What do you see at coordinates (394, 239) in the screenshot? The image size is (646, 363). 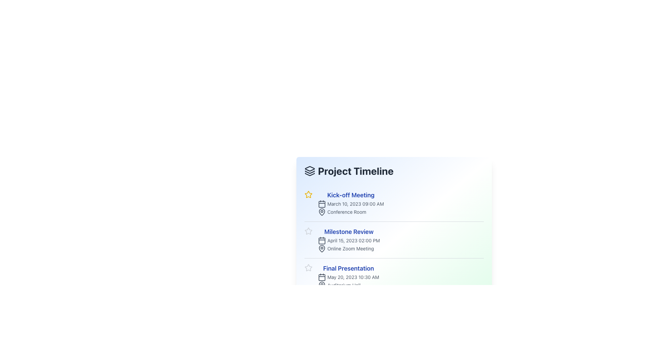 I see `detailed entry of the project timeline for 'Milestone Review', which includes the title, date, time, and location` at bounding box center [394, 239].